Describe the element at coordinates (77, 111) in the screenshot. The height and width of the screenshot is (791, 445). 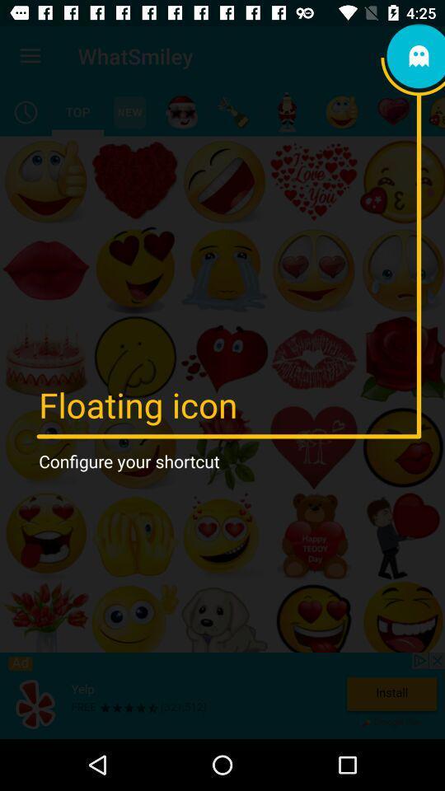
I see `top emojis` at that location.